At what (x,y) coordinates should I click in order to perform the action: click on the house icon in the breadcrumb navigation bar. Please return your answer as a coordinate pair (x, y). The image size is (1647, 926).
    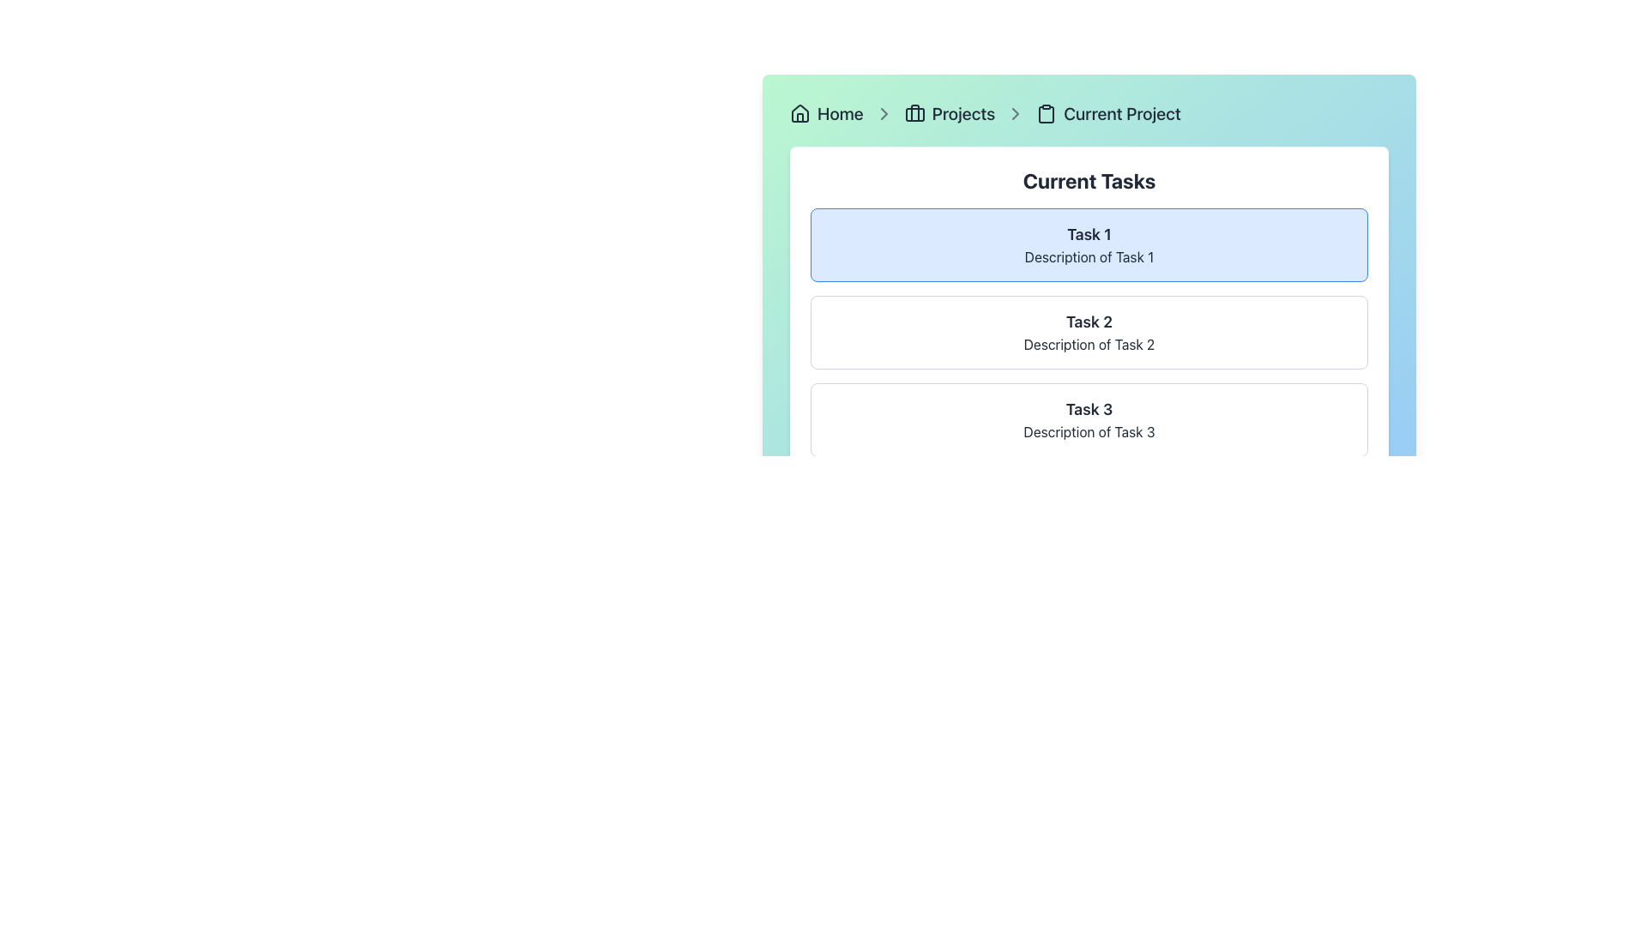
    Looking at the image, I should click on (799, 112).